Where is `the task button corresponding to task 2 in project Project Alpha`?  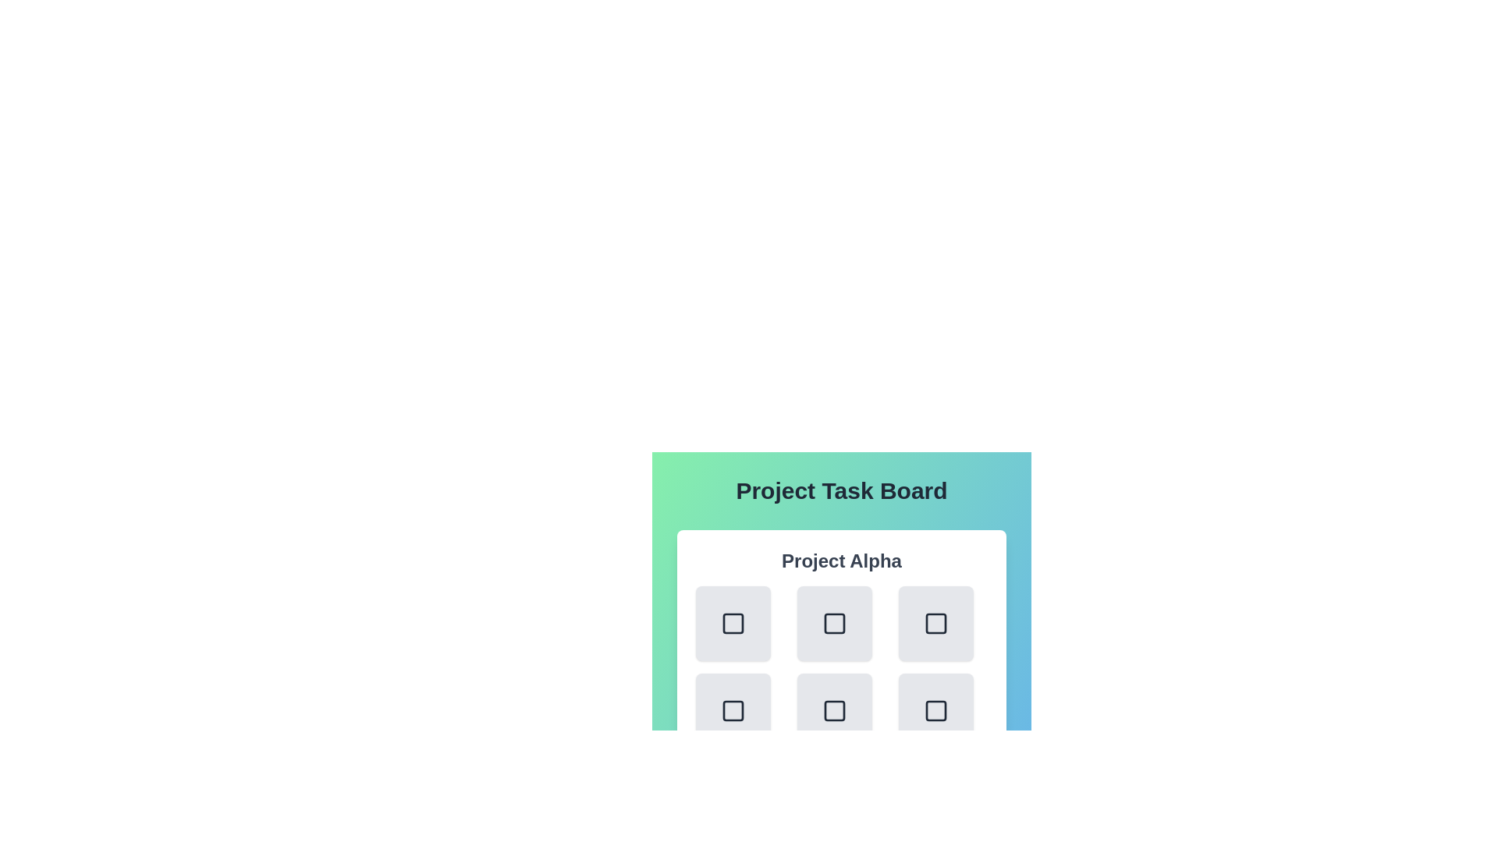 the task button corresponding to task 2 in project Project Alpha is located at coordinates (936, 622).